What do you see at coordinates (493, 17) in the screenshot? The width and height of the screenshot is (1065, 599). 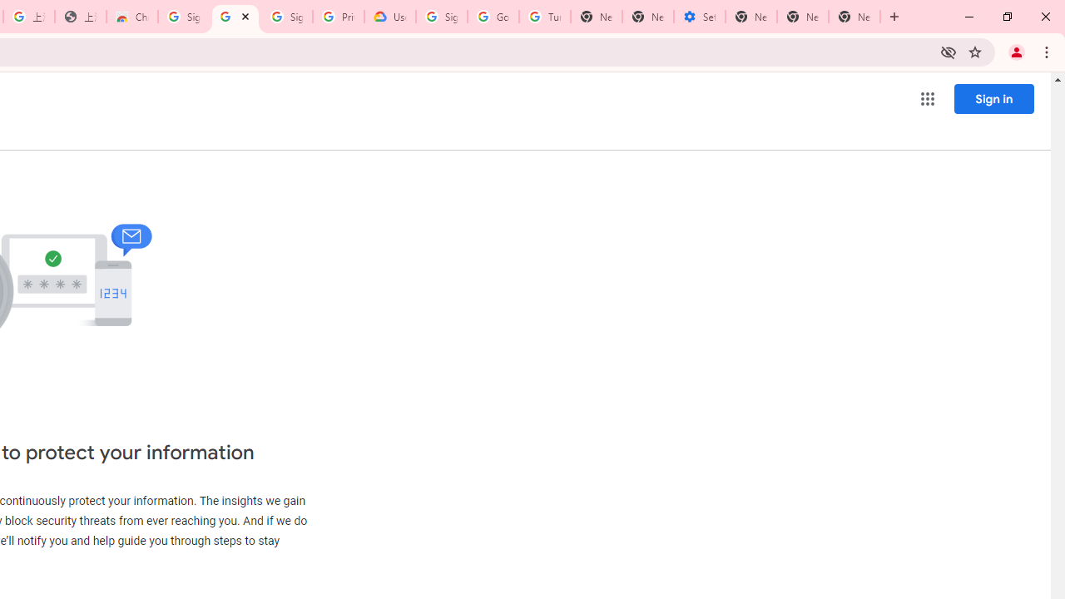 I see `'Google Account Help'` at bounding box center [493, 17].